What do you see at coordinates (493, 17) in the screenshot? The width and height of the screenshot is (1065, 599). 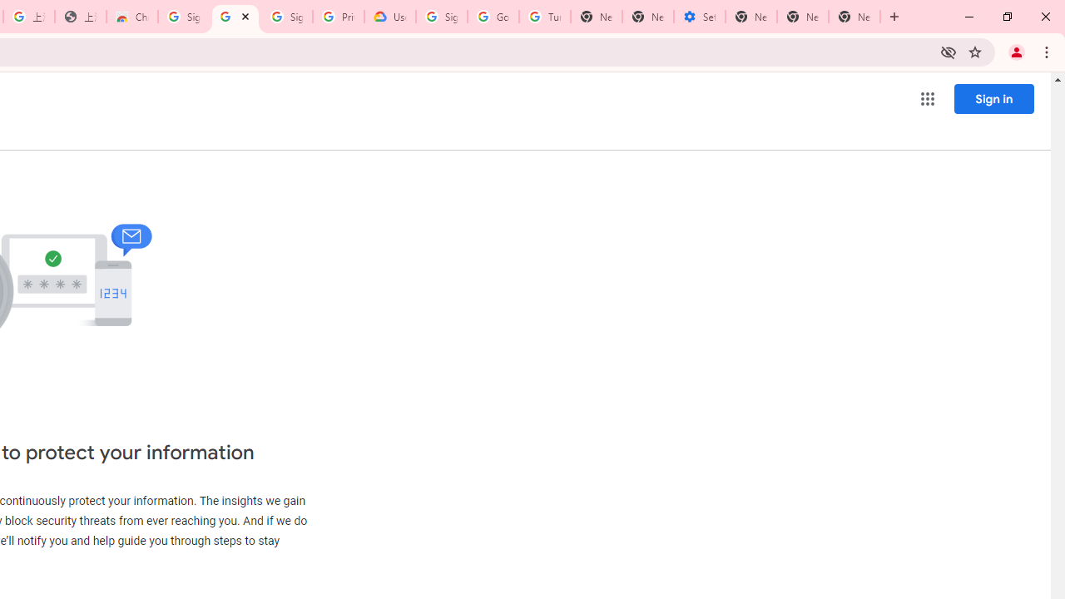 I see `'Google Account Help'` at bounding box center [493, 17].